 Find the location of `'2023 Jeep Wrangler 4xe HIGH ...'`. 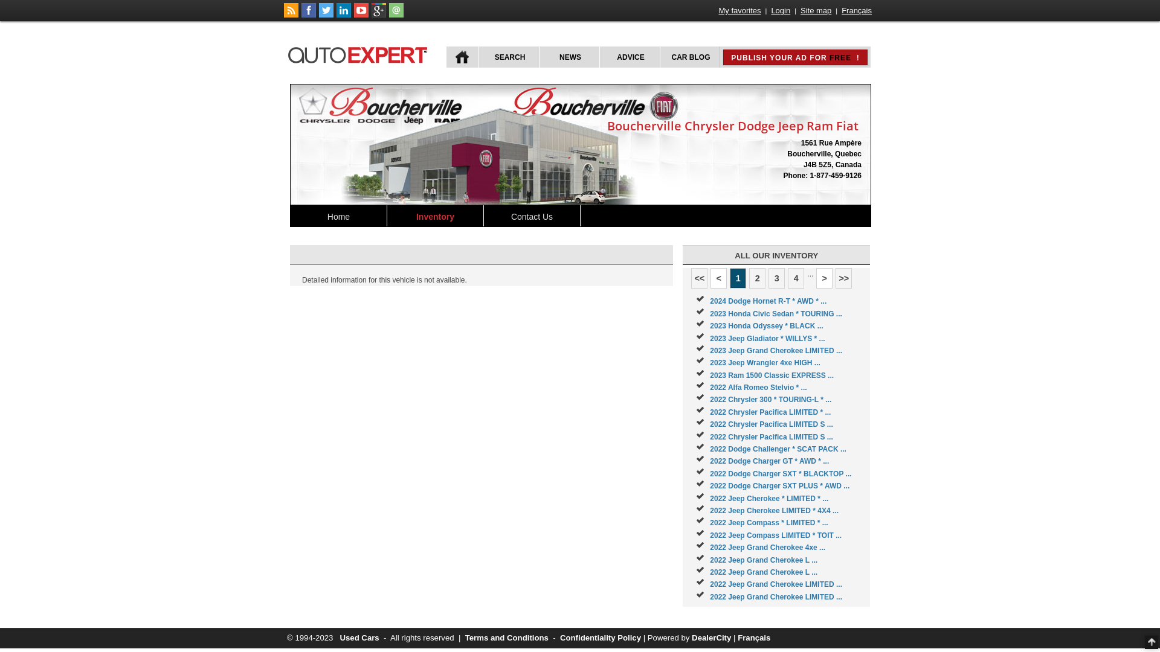

'2023 Jeep Wrangler 4xe HIGH ...' is located at coordinates (764, 362).